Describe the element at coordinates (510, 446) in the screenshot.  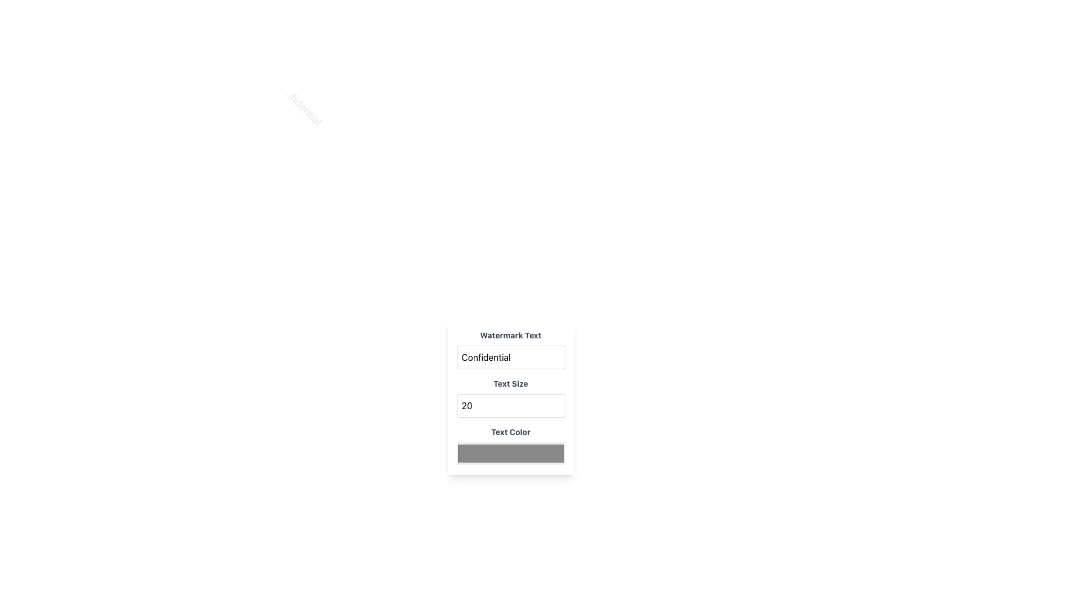
I see `the 'Text Color' color picker input` at that location.